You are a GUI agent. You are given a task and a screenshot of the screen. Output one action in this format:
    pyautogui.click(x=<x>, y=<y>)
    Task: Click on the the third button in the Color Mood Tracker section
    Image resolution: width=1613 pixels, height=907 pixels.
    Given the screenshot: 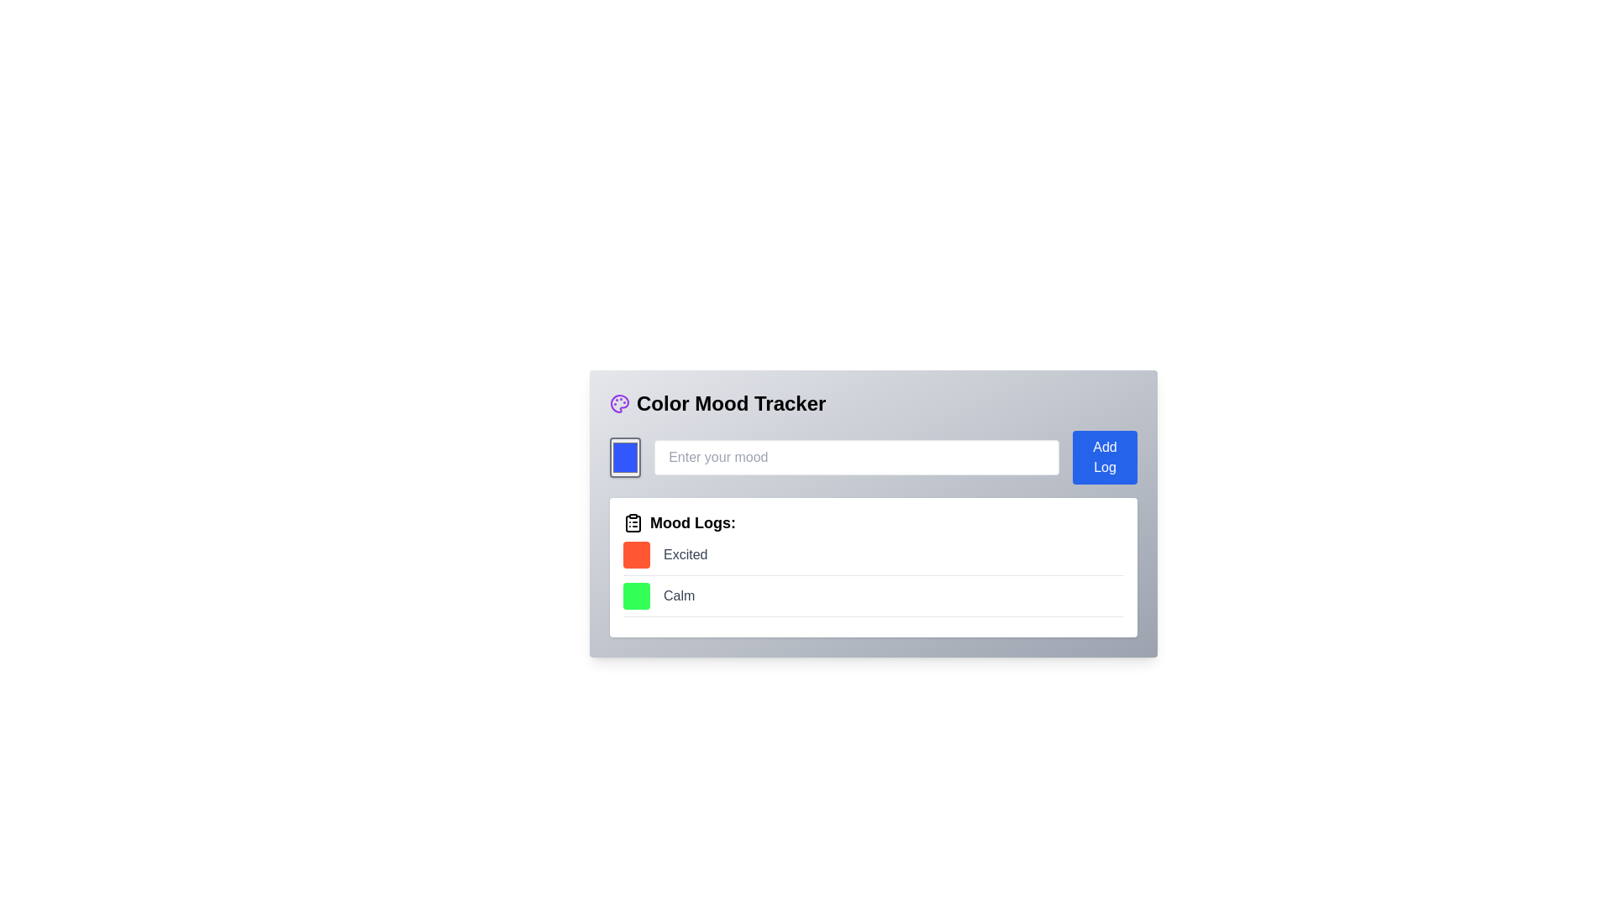 What is the action you would take?
    pyautogui.click(x=1105, y=457)
    